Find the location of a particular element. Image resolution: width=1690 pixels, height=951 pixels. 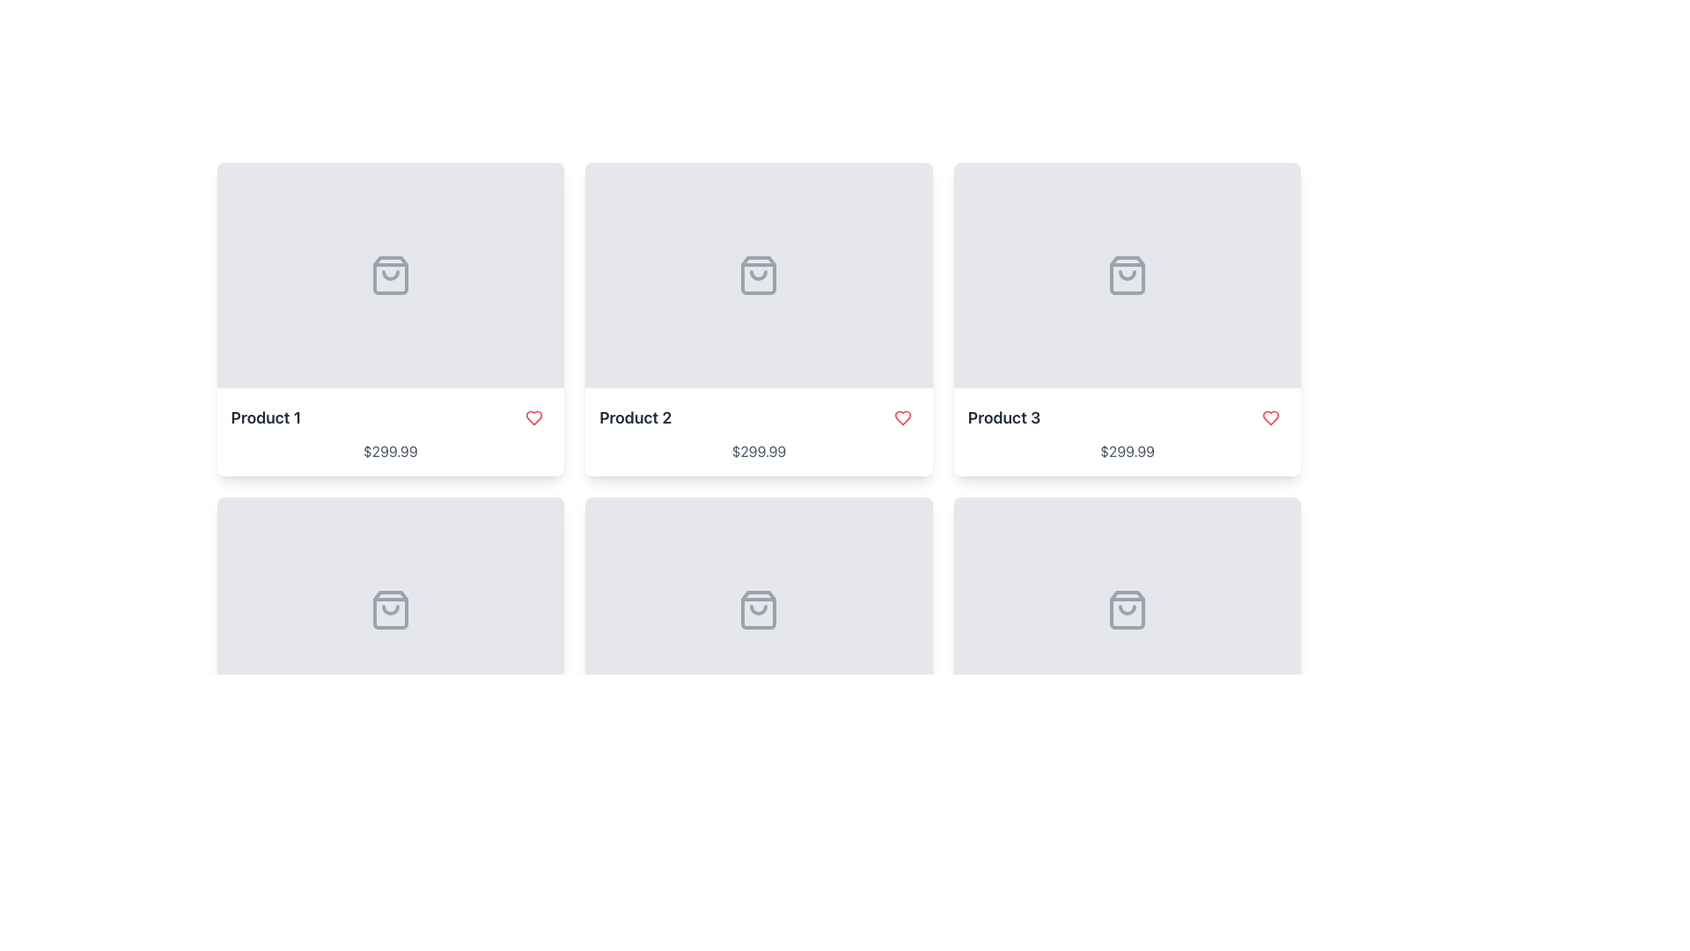

the toggle icon button for favoriting or liking the associated product located at the bottom-right corner of the 'Product 2' card in the grid layout is located at coordinates (902, 417).